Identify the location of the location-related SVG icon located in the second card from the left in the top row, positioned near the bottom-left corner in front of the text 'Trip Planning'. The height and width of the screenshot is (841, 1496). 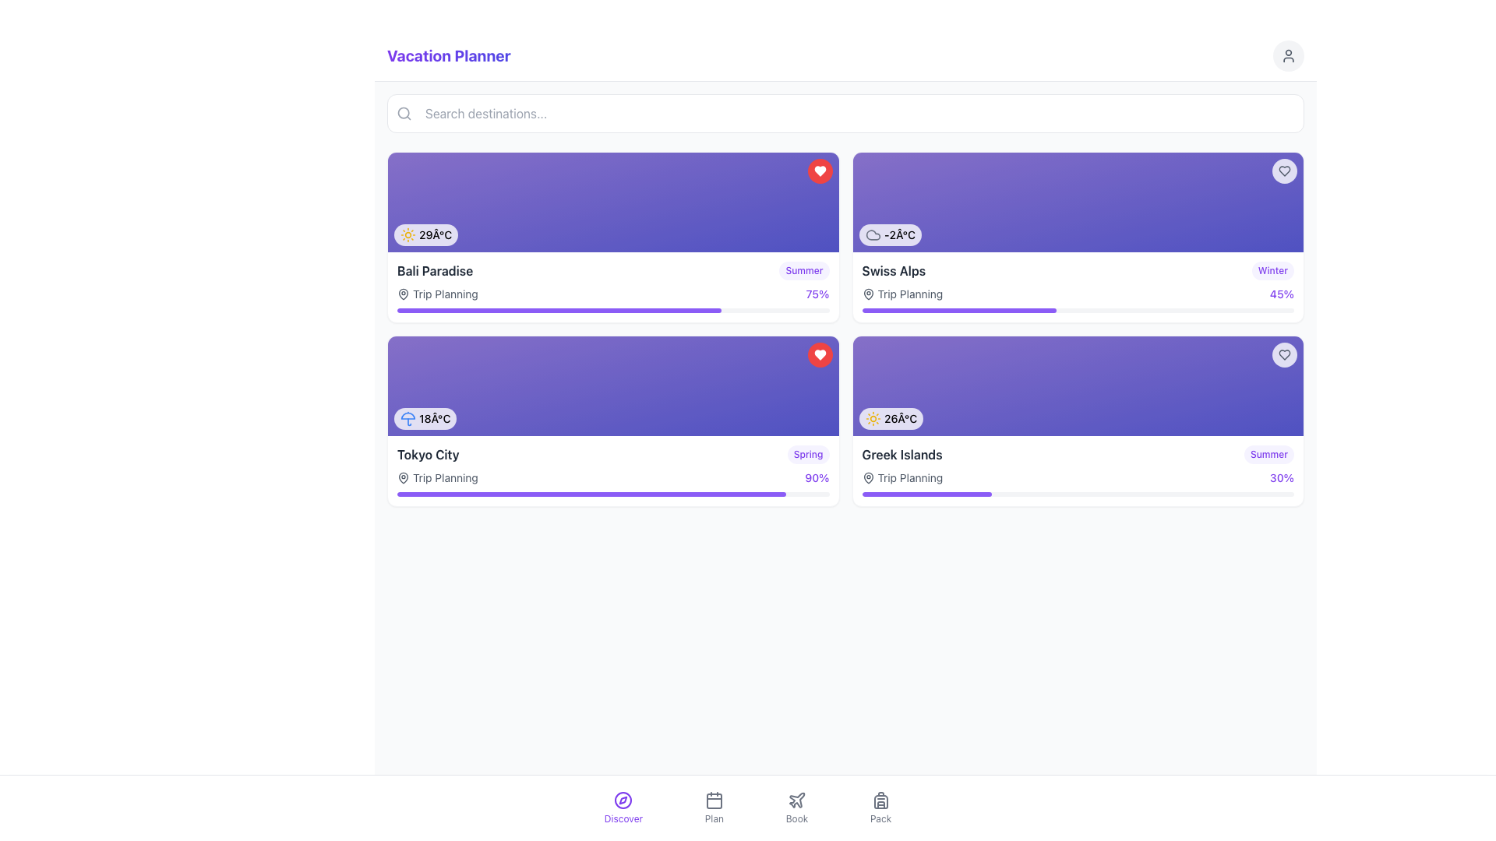
(867, 294).